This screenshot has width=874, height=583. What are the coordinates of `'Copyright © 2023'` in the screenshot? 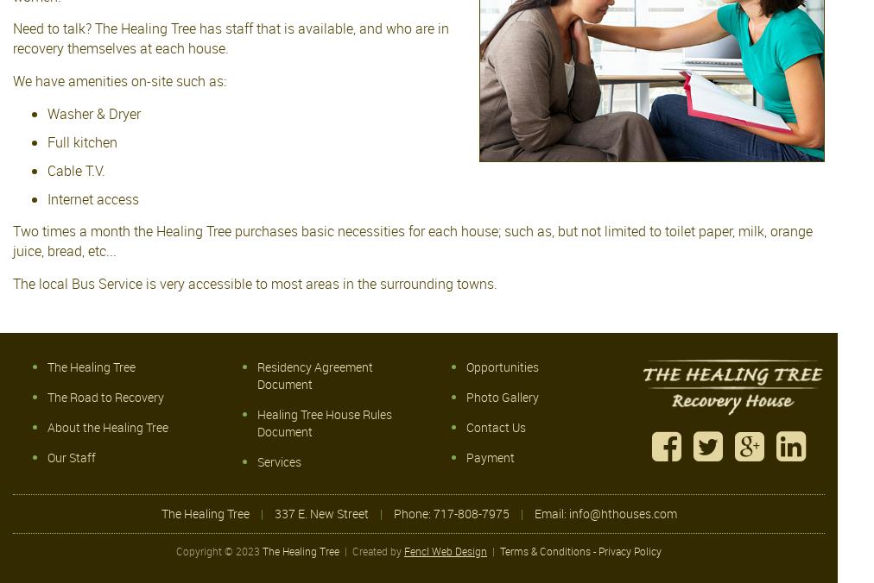 It's located at (176, 550).